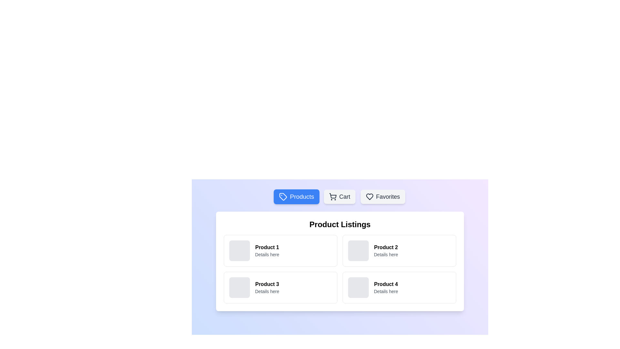  I want to click on the 'Products' button, which is a rounded button with a blue background and white text, located at the top-center of the interface, so click(296, 196).